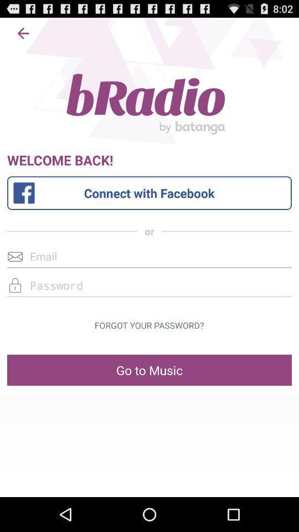  What do you see at coordinates (149, 193) in the screenshot?
I see `connect with facebook` at bounding box center [149, 193].